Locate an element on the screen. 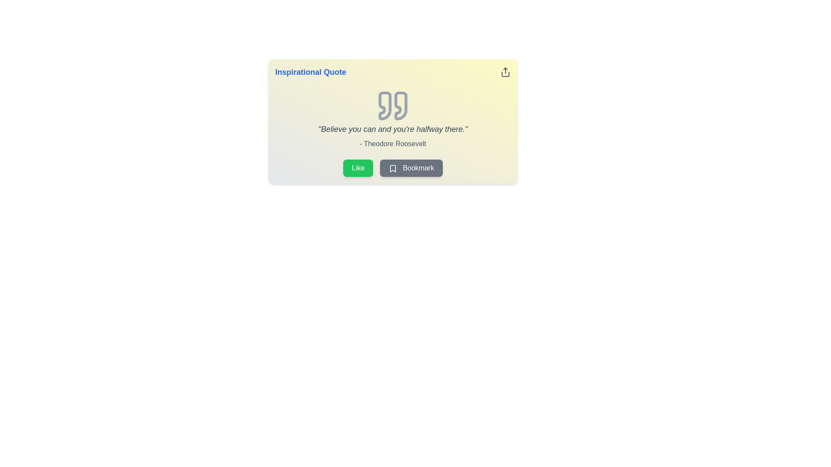 This screenshot has height=467, width=831. the bookmark button, which is the second button to the right of the green 'Like' button, allowing users is located at coordinates (411, 168).